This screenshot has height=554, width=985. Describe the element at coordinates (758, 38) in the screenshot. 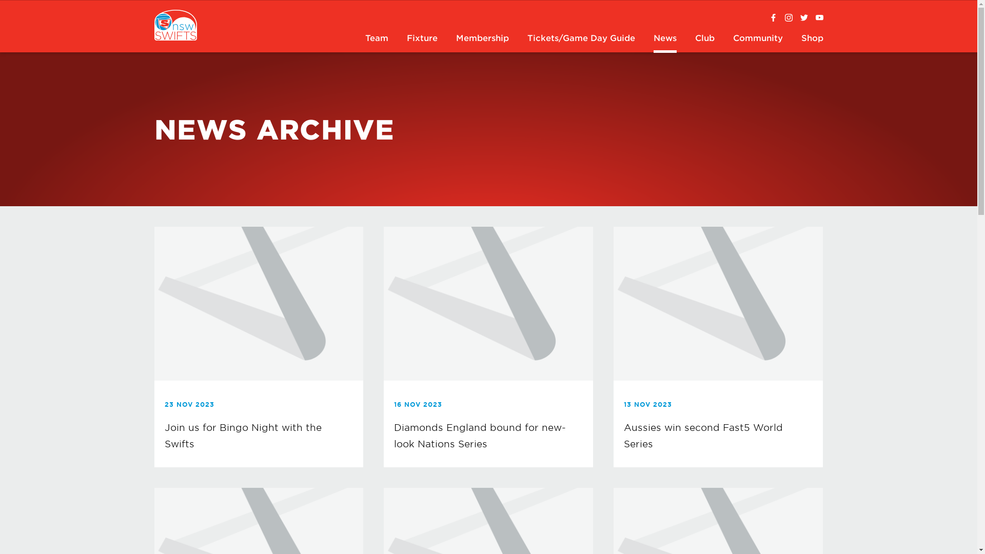

I see `'Community'` at that location.